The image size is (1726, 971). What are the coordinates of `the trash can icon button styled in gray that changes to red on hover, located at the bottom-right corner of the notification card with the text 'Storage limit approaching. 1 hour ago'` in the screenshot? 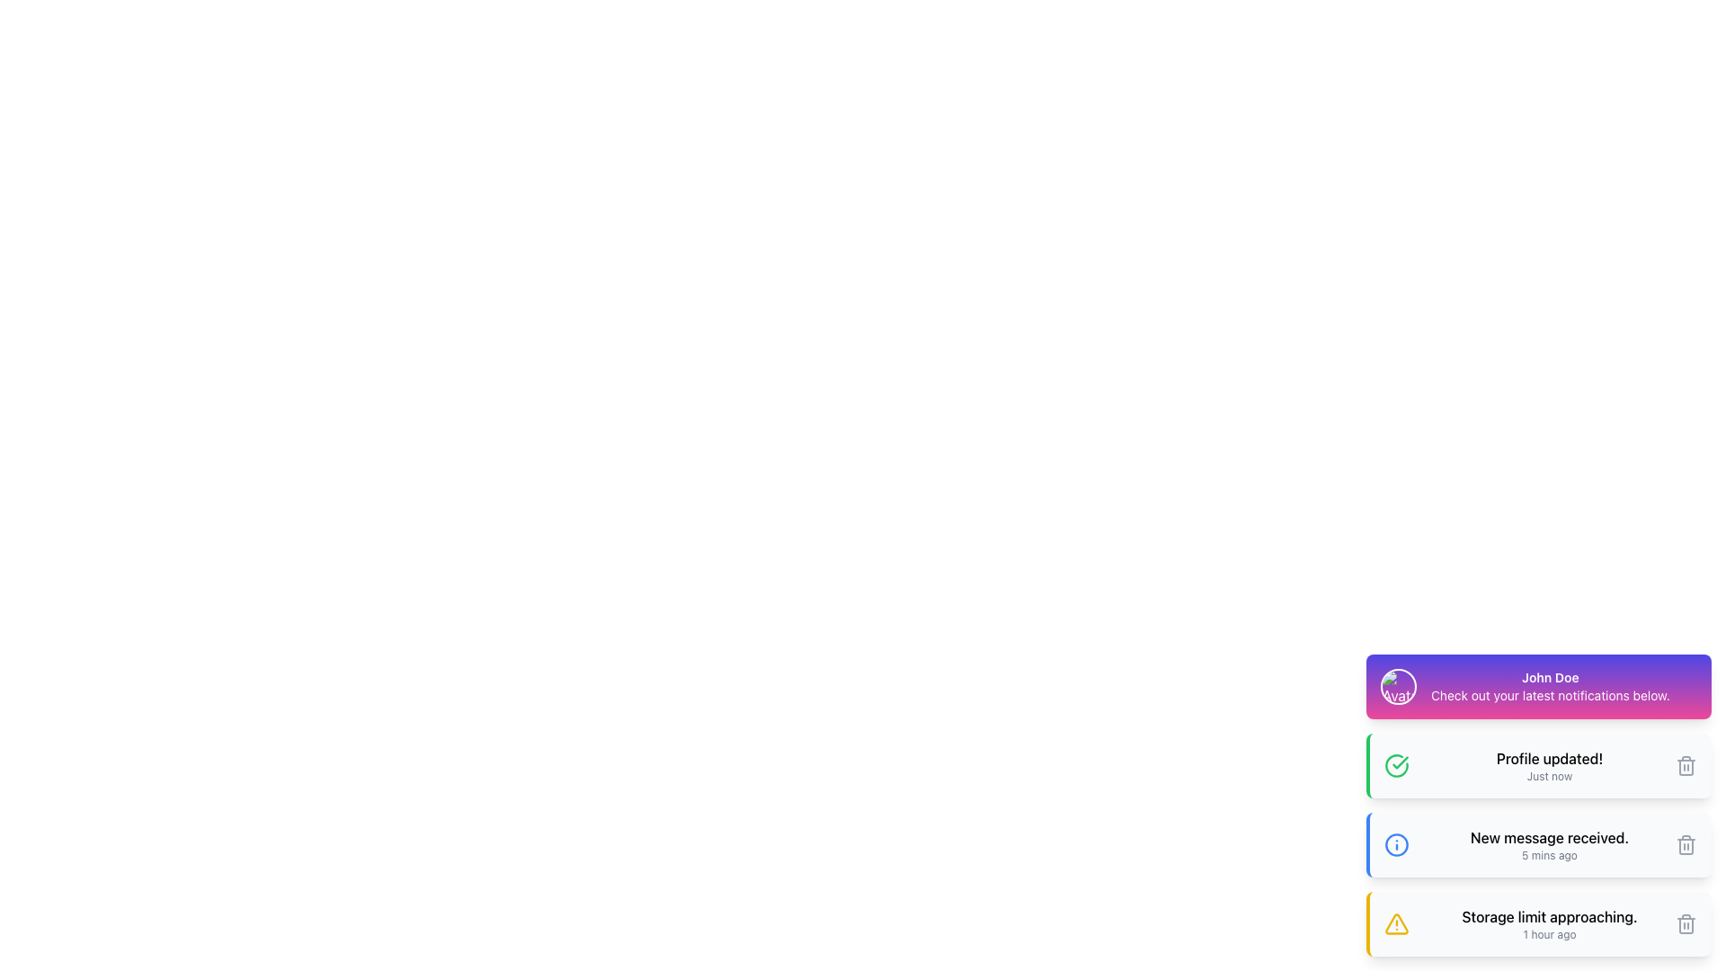 It's located at (1686, 924).